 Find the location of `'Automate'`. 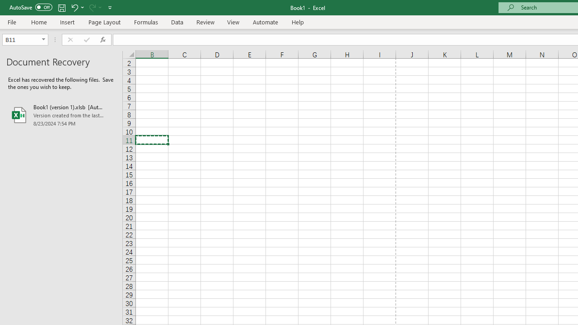

'Automate' is located at coordinates (265, 22).